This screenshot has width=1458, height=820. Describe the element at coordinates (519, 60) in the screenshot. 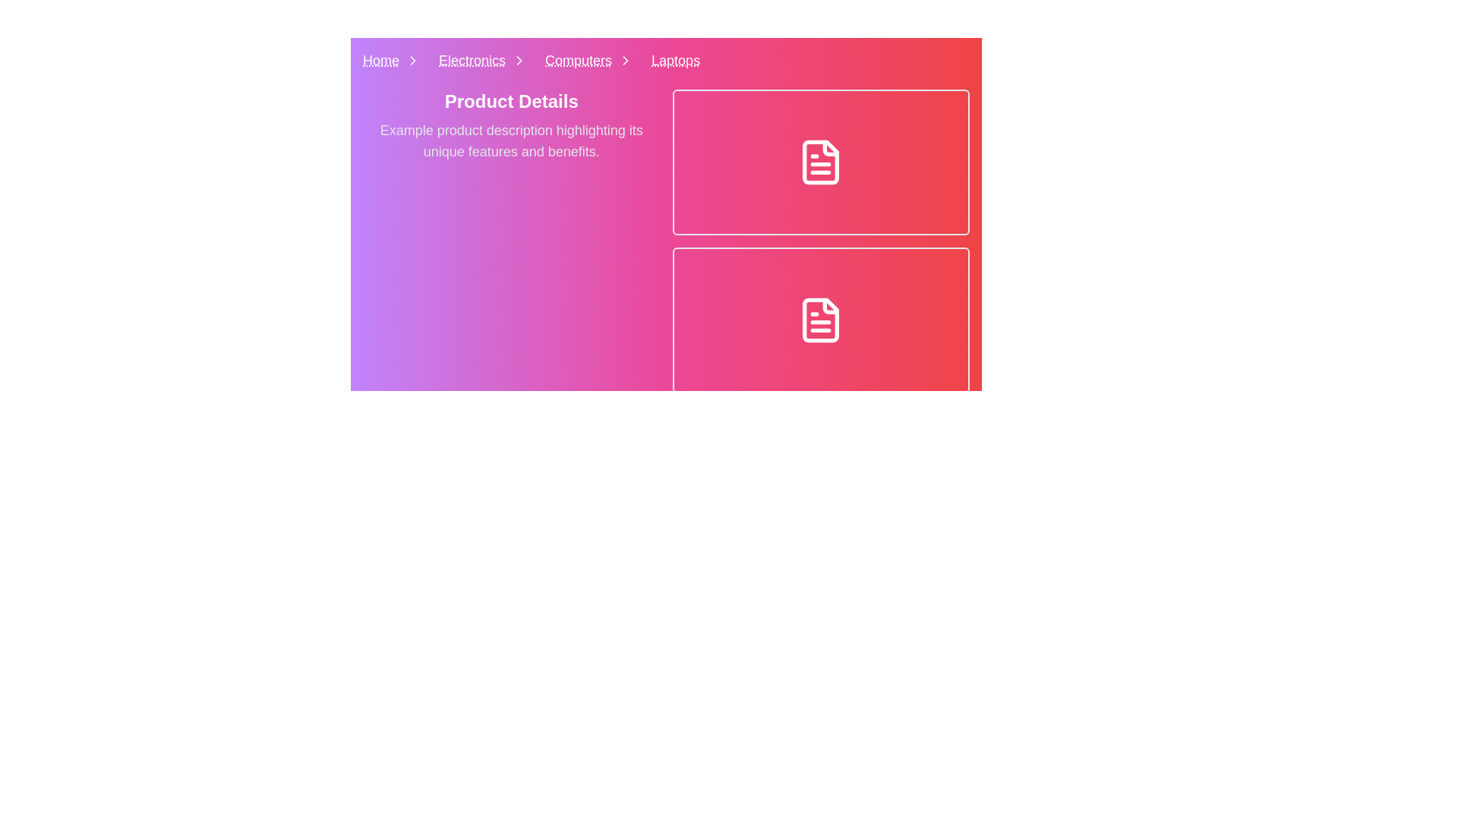

I see `the right-pointing chevron icon located immediately to the right of the 'Electronics' hyperlink in the breadcrumb navigation bar` at that location.